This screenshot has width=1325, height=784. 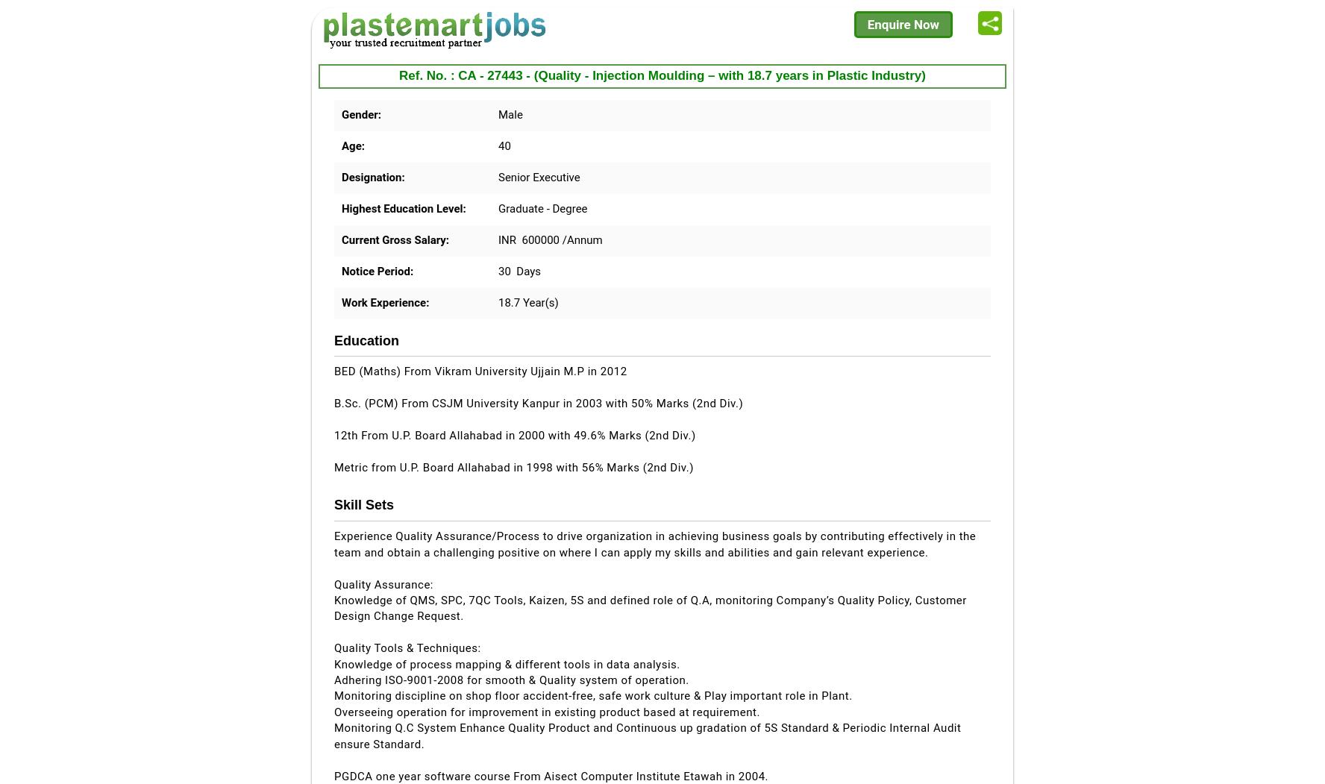 What do you see at coordinates (650, 608) in the screenshot?
I see `'Knowledge of QMS, SPC, 7QC Tools, Kaizen, 5S and defined role of Q.A, monitoring Company’s Quality Policy, Customer Design Change Request.'` at bounding box center [650, 608].